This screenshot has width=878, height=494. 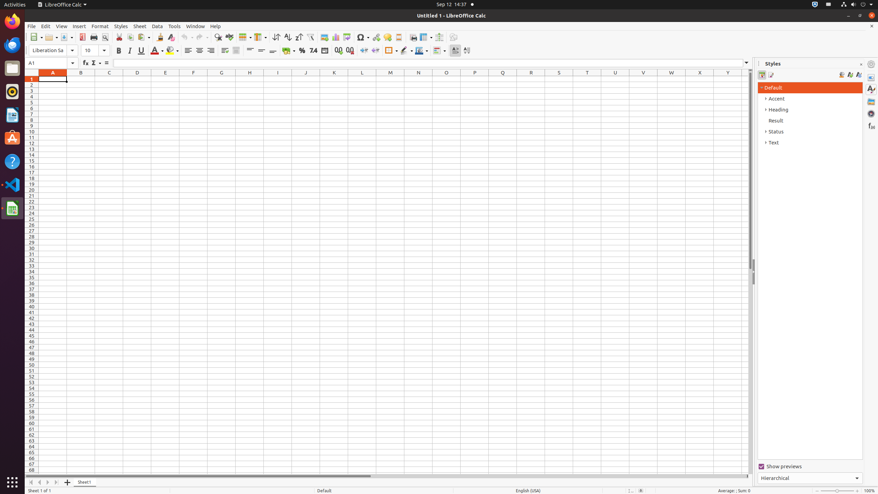 I want to click on 'Headers and Footers', so click(x=398, y=37).